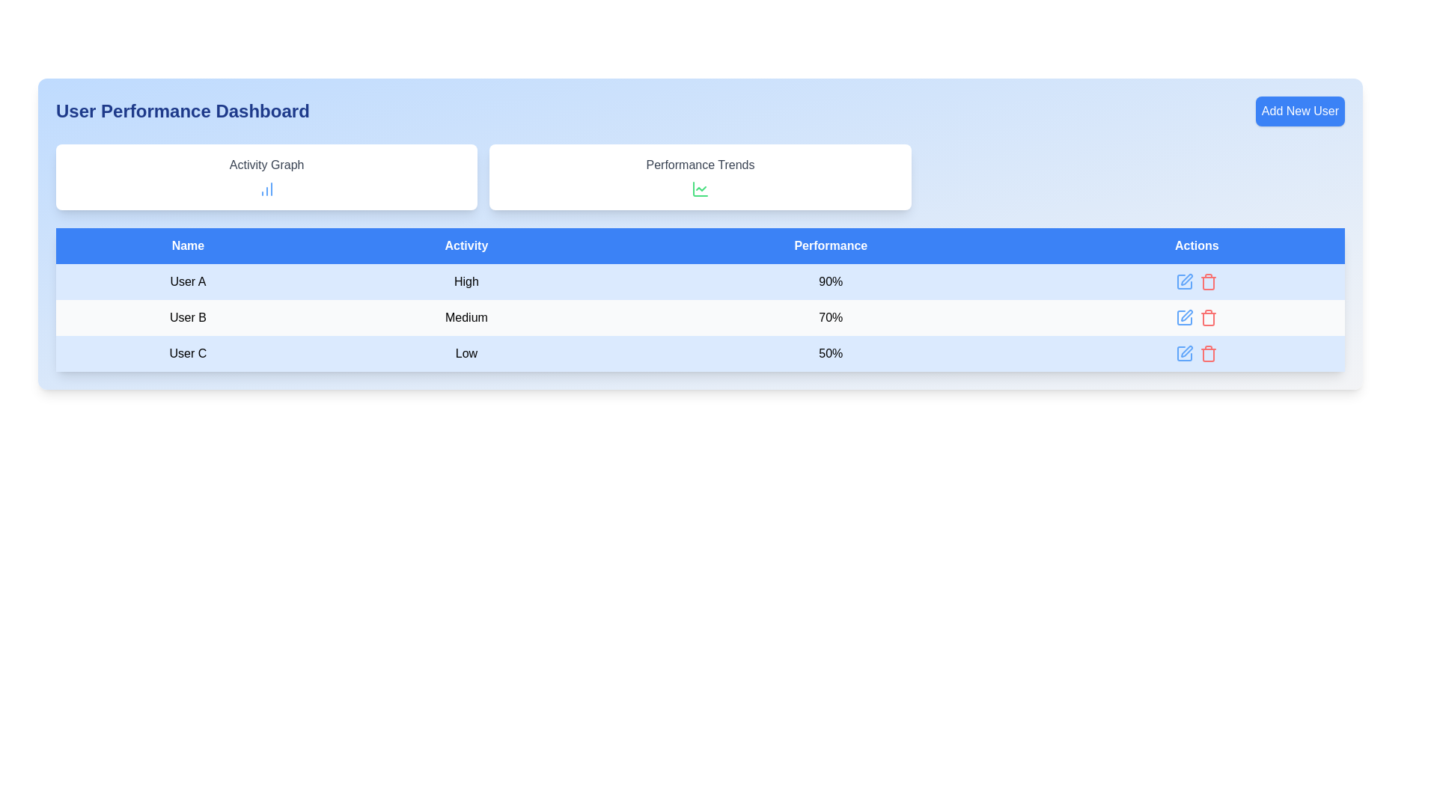 The width and height of the screenshot is (1437, 808). What do you see at coordinates (1184, 282) in the screenshot?
I see `the blue outlined pen icon in the Actions column for User A` at bounding box center [1184, 282].